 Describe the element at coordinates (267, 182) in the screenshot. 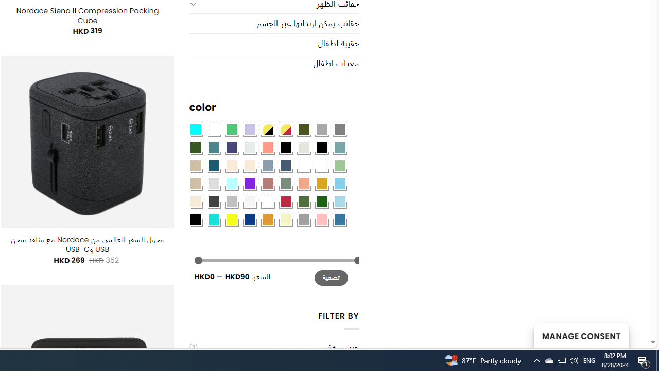

I see `'Rose'` at that location.